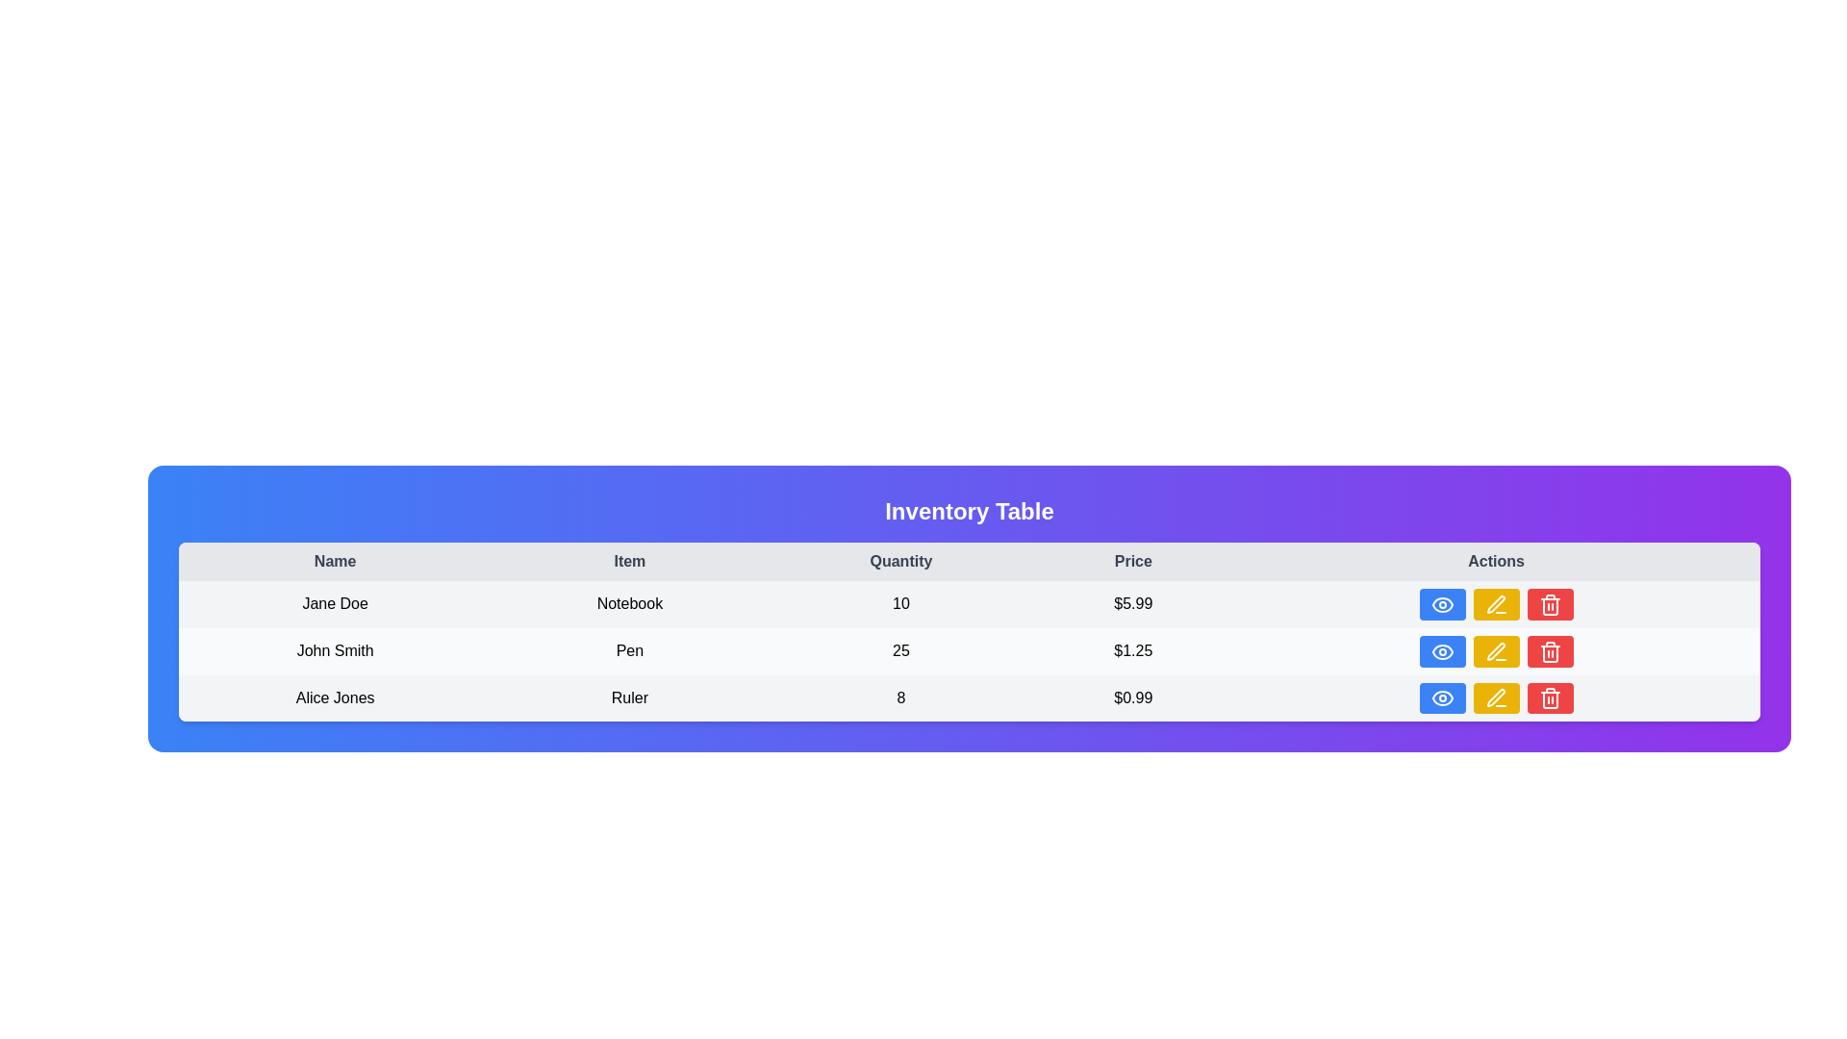  Describe the element at coordinates (1495, 650) in the screenshot. I see `the yellow pen icon in the actions column of the second row for 'John Smith' to initiate edit mode` at that location.